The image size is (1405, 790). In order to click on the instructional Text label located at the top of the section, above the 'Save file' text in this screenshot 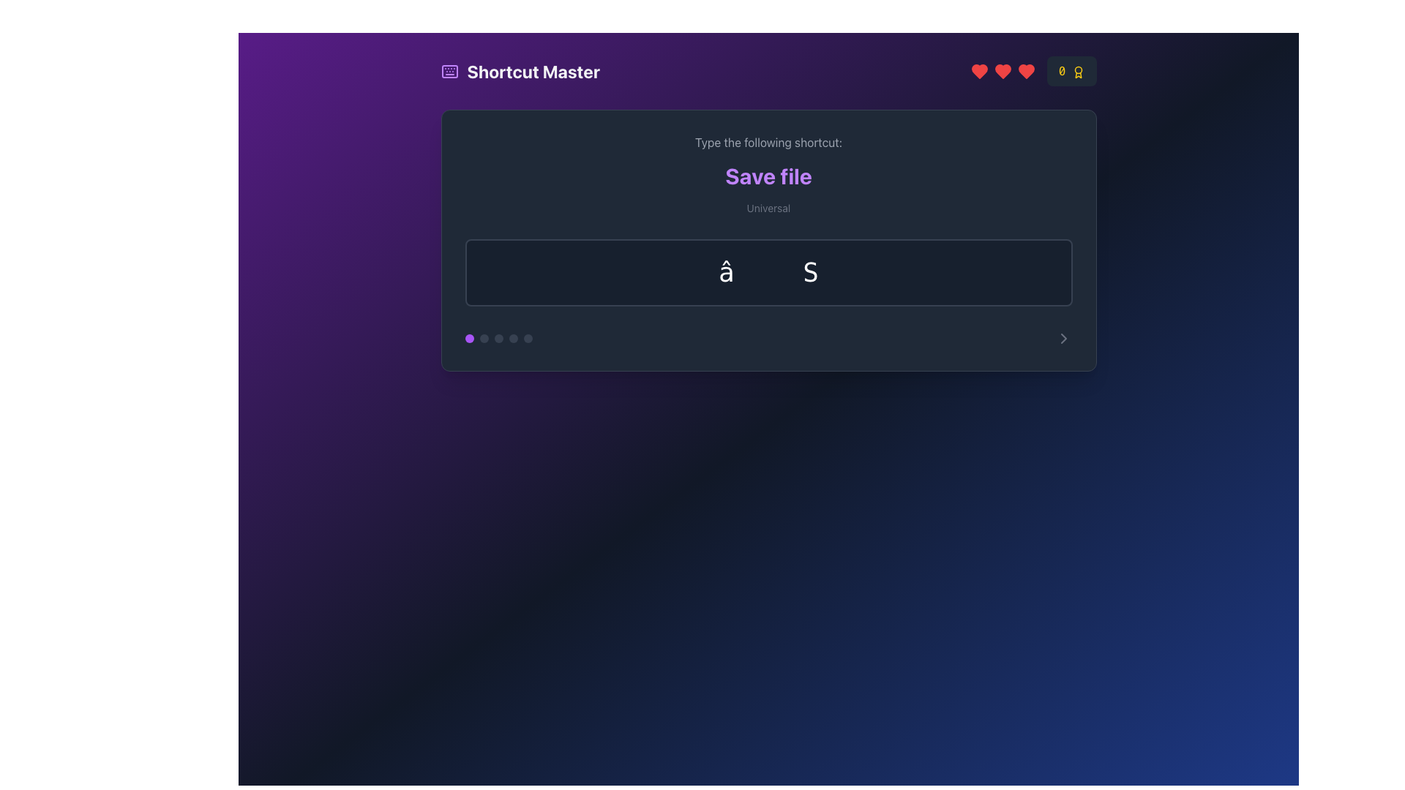, I will do `click(768, 143)`.